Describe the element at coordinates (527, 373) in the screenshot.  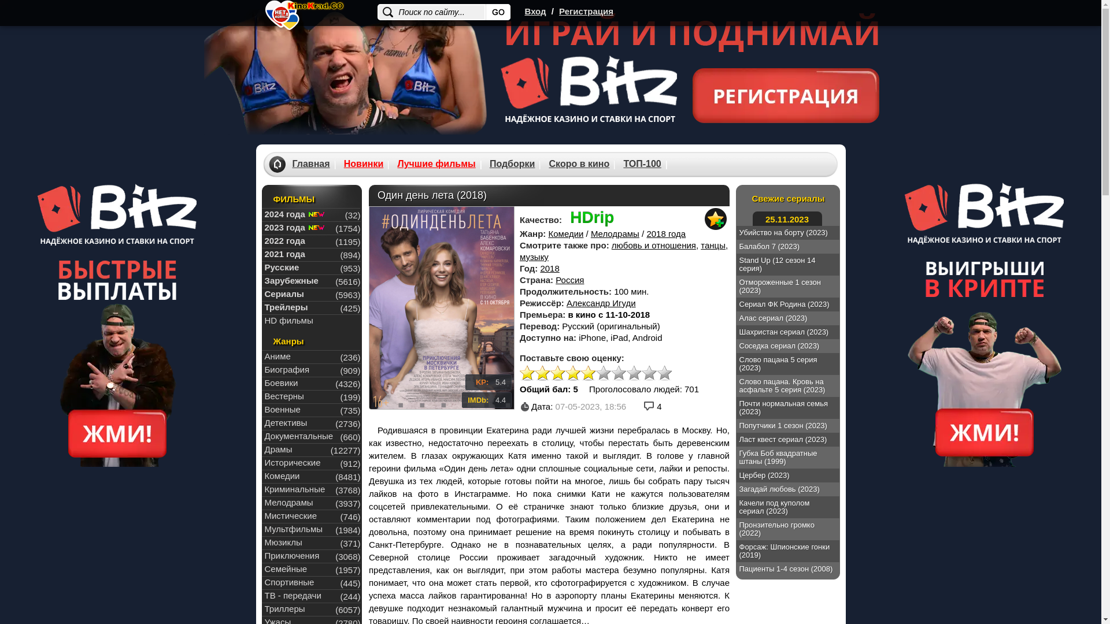
I see `'1'` at that location.